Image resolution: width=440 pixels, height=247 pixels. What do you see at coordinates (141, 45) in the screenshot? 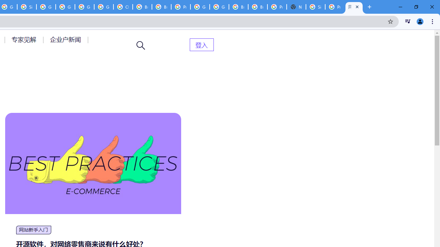
I see `'Open search form'` at bounding box center [141, 45].